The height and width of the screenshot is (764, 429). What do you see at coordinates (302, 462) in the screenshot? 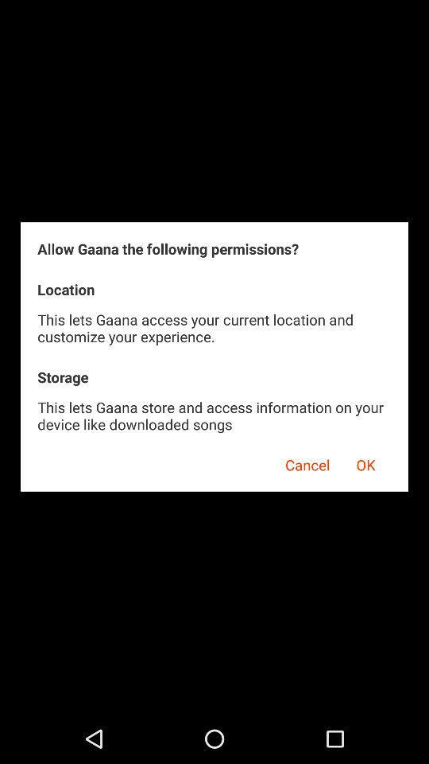
I see `item to the left of ok item` at bounding box center [302, 462].